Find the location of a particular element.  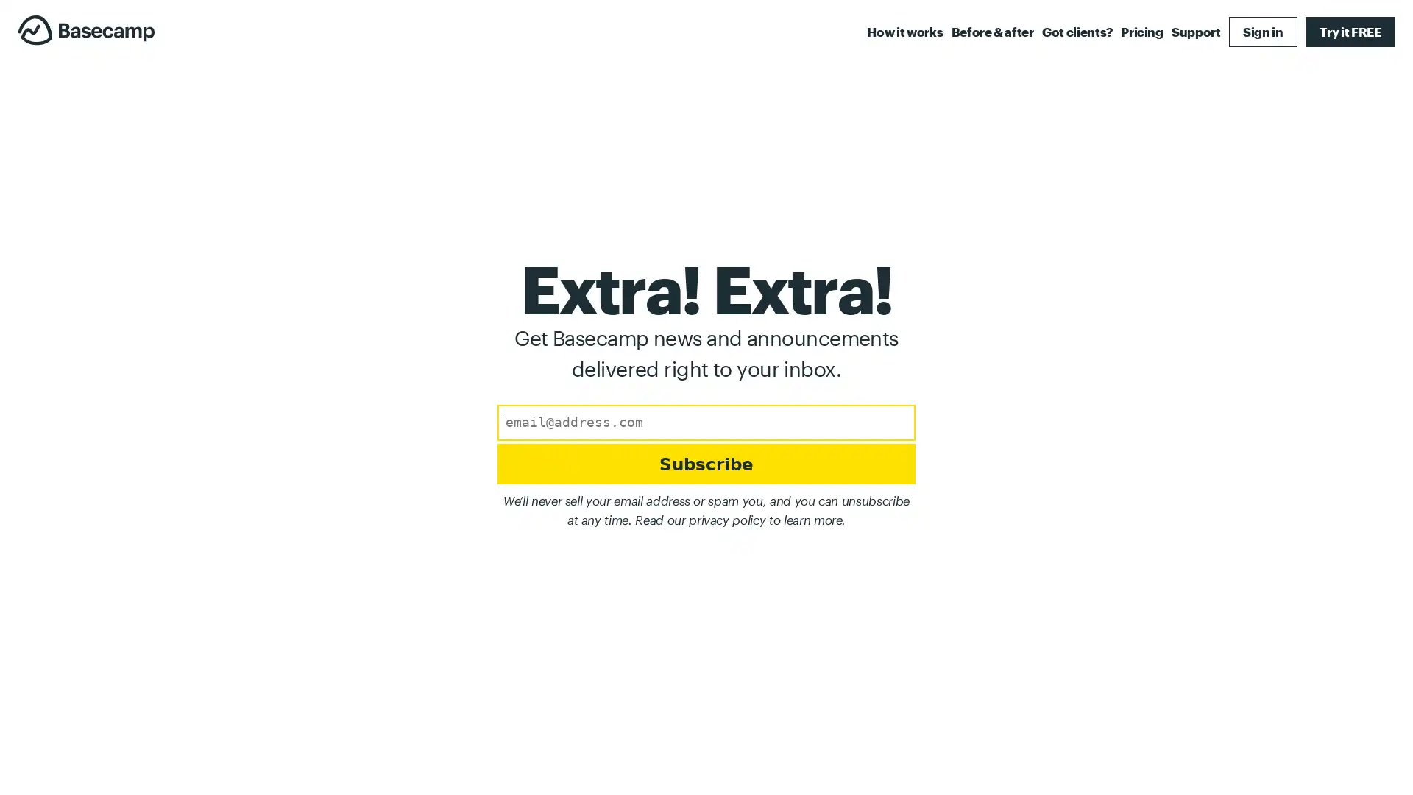

Subscribe is located at coordinates (705, 466).